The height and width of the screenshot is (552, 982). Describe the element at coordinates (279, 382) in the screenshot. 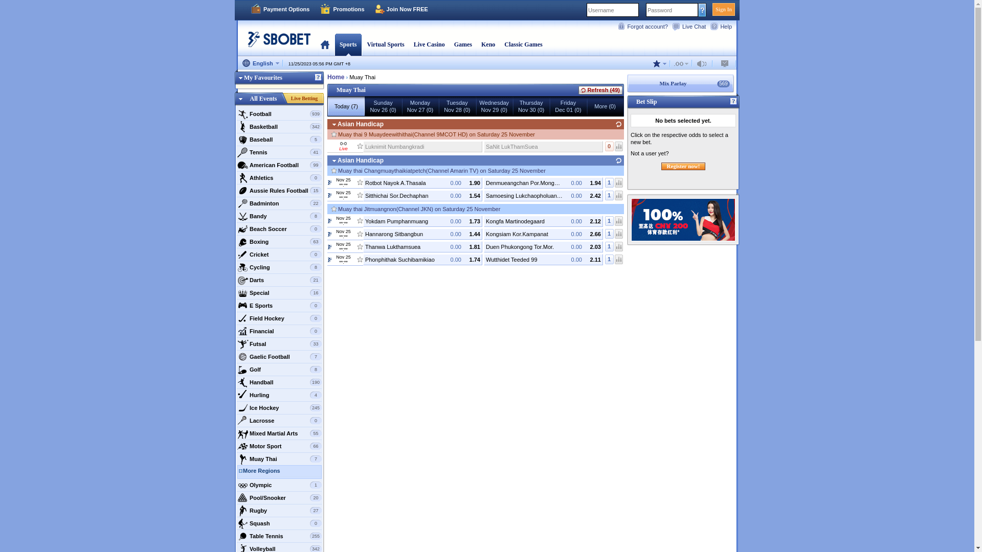

I see `'Handball` at that location.